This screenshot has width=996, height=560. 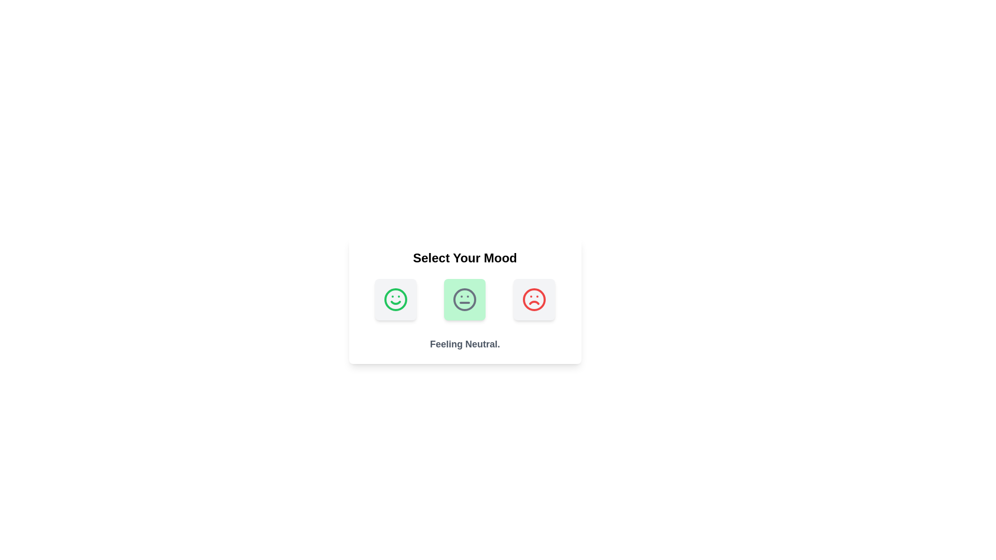 I want to click on any face icon in the Button Group located beneath the 'Select Your Mood' heading, so click(x=464, y=300).